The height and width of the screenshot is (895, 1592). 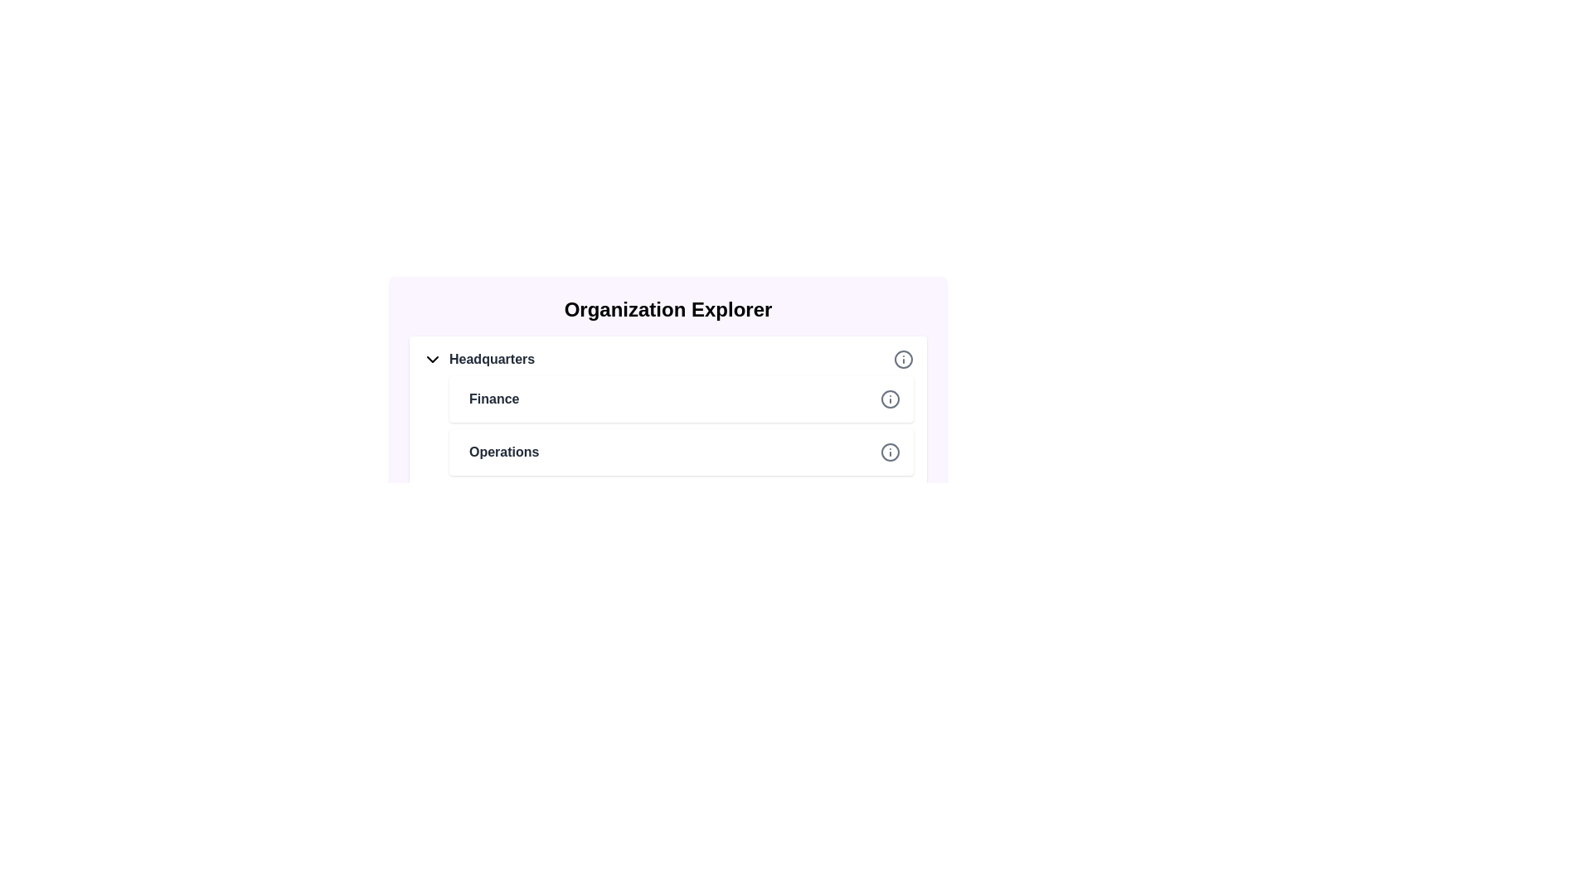 I want to click on the bold, dark gray text label 'Operations' located below 'Finance' in the vertical list under the header 'Headquarters', so click(x=503, y=452).